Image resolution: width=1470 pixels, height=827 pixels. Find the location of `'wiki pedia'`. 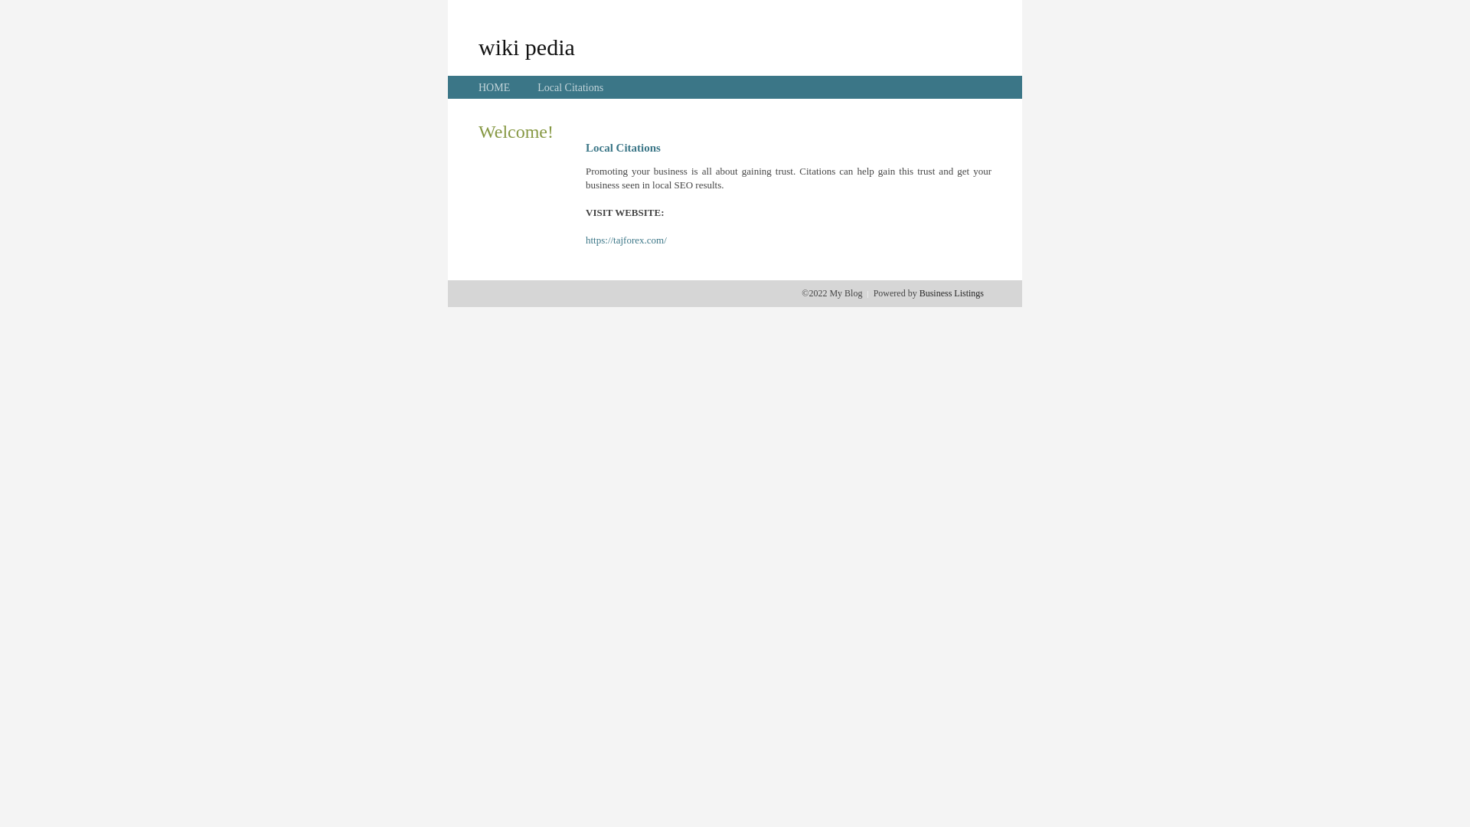

'wiki pedia' is located at coordinates (526, 46).